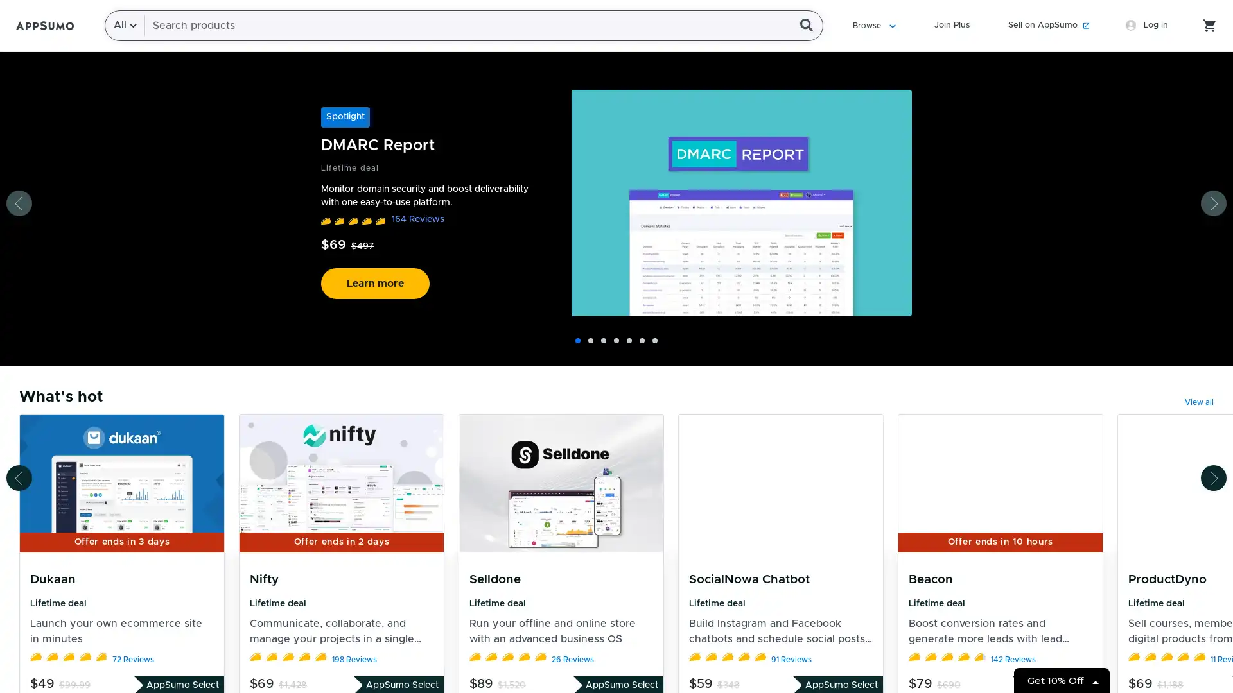 This screenshot has width=1233, height=693. I want to click on Search with AppSumo, so click(805, 25).